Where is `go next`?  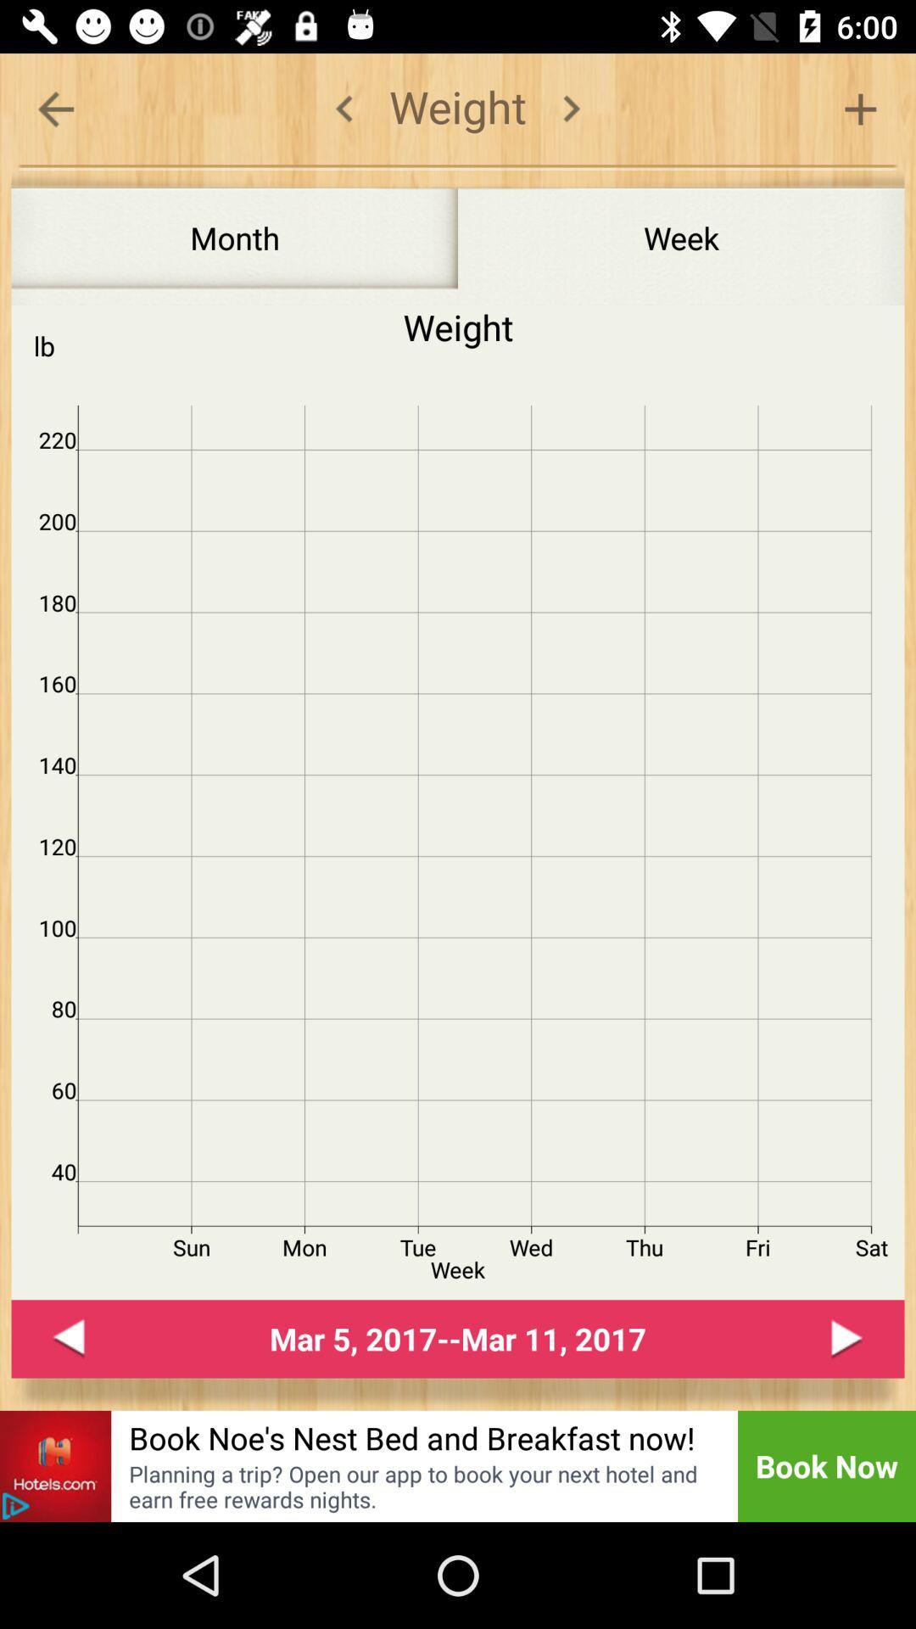 go next is located at coordinates (847, 1338).